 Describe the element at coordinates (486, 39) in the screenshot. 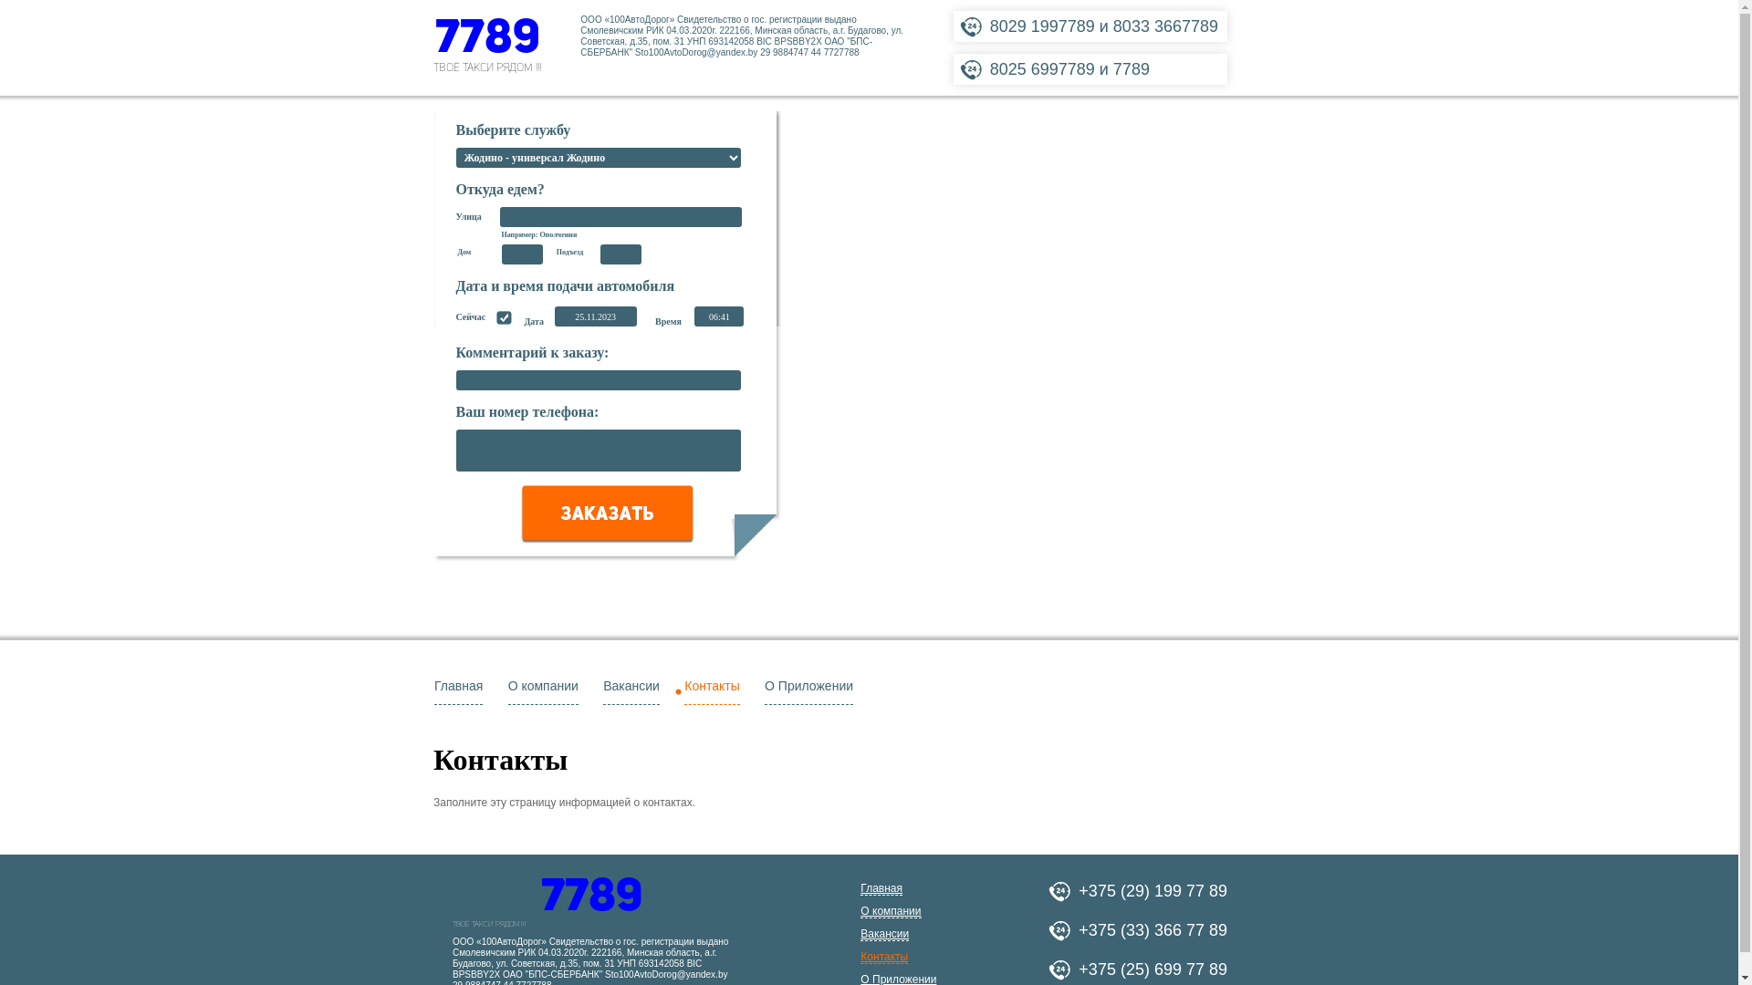

I see `'7789'` at that location.